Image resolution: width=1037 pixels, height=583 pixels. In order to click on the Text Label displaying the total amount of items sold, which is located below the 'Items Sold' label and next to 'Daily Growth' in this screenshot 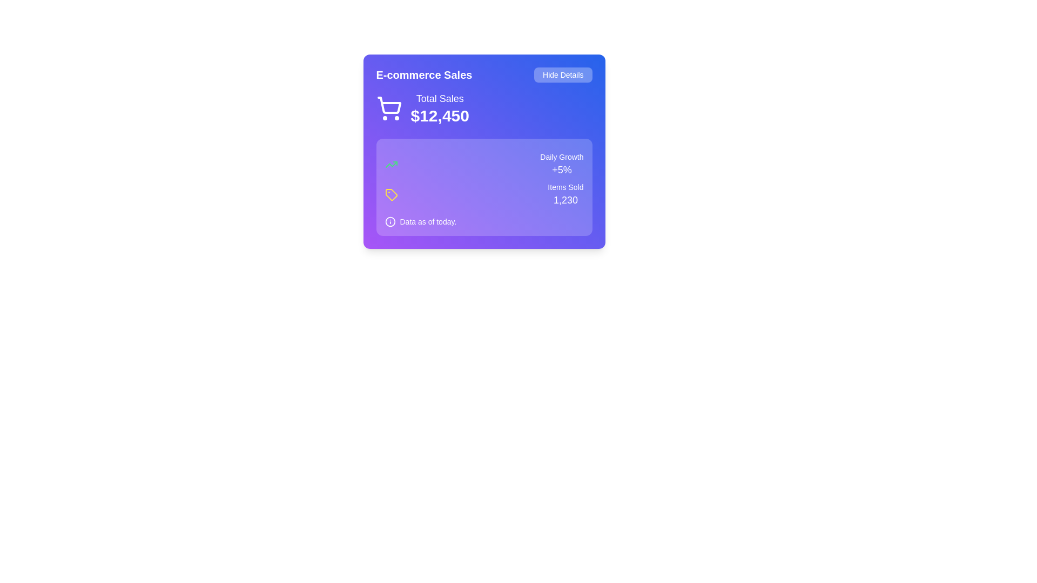, I will do `click(565, 200)`.